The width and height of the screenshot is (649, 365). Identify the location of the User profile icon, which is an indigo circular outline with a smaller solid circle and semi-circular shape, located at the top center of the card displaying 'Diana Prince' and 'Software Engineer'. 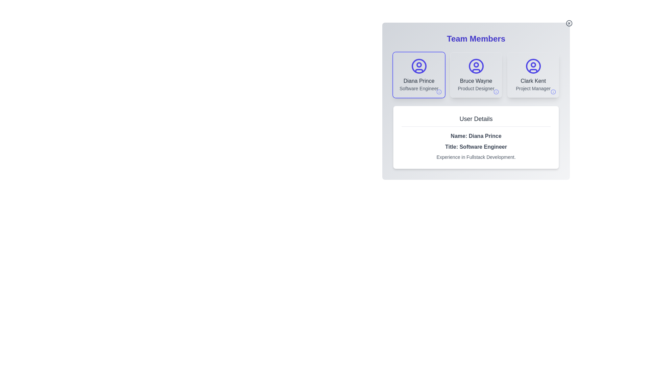
(418, 66).